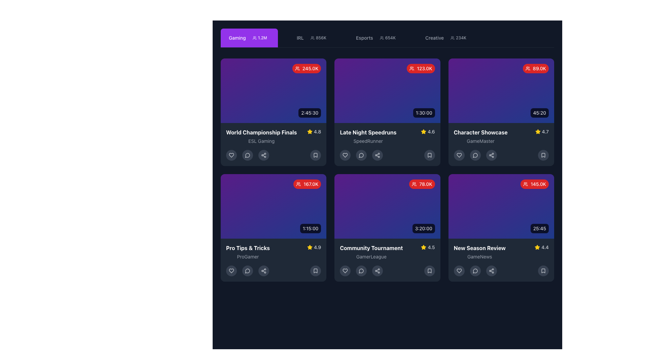 The height and width of the screenshot is (363, 646). I want to click on the 'Esports' text label in the navigation menu, so click(364, 38).